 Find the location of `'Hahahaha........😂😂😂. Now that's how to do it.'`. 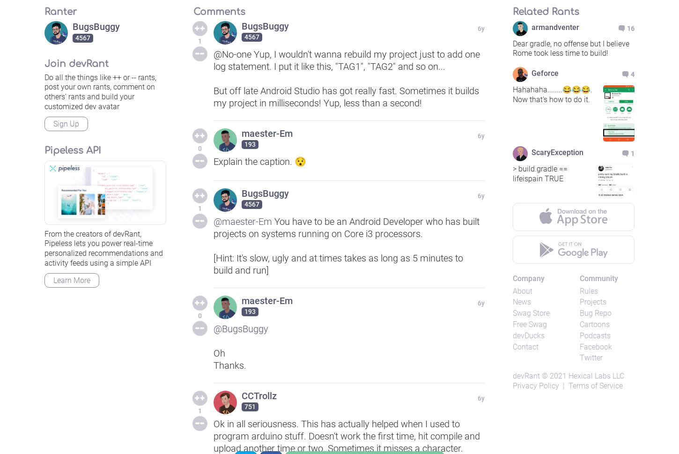

'Hahahaha........😂😂😂. Now that's how to do it.' is located at coordinates (512, 95).